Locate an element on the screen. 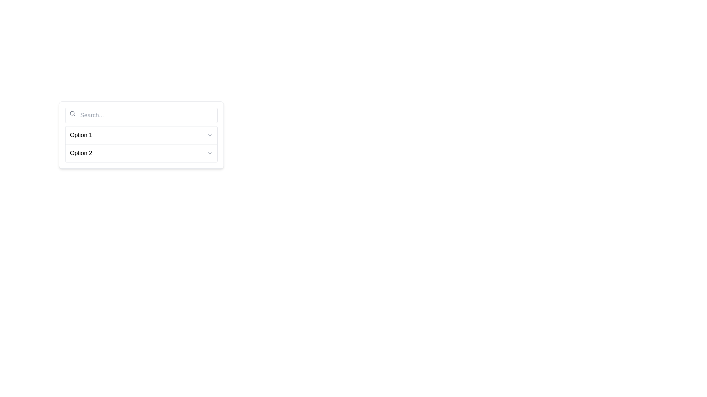 The height and width of the screenshot is (397, 707). the search icon located at the top-left corner of the search bar, which signifies the presence of search functionality is located at coordinates (72, 113).